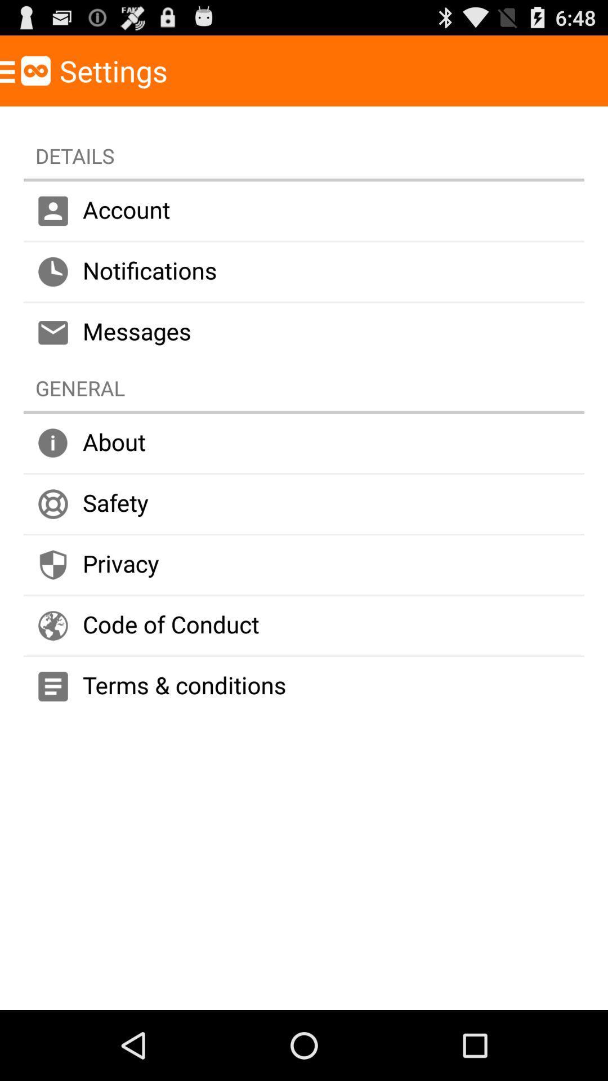 The height and width of the screenshot is (1081, 608). I want to click on the item above the messages item, so click(304, 272).